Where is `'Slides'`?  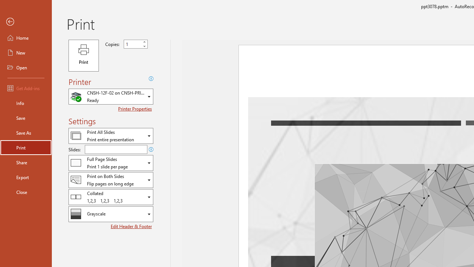
'Slides' is located at coordinates (116, 149).